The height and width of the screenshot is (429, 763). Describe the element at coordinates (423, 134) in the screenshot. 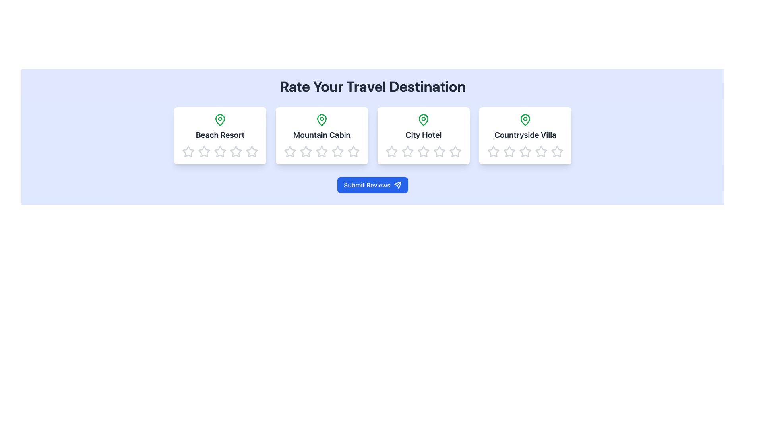

I see `text label displaying 'City Hotel' that is styled in bold dark gray font, located beneath a green map pin icon in the third card of a horizontal row of four cards` at that location.